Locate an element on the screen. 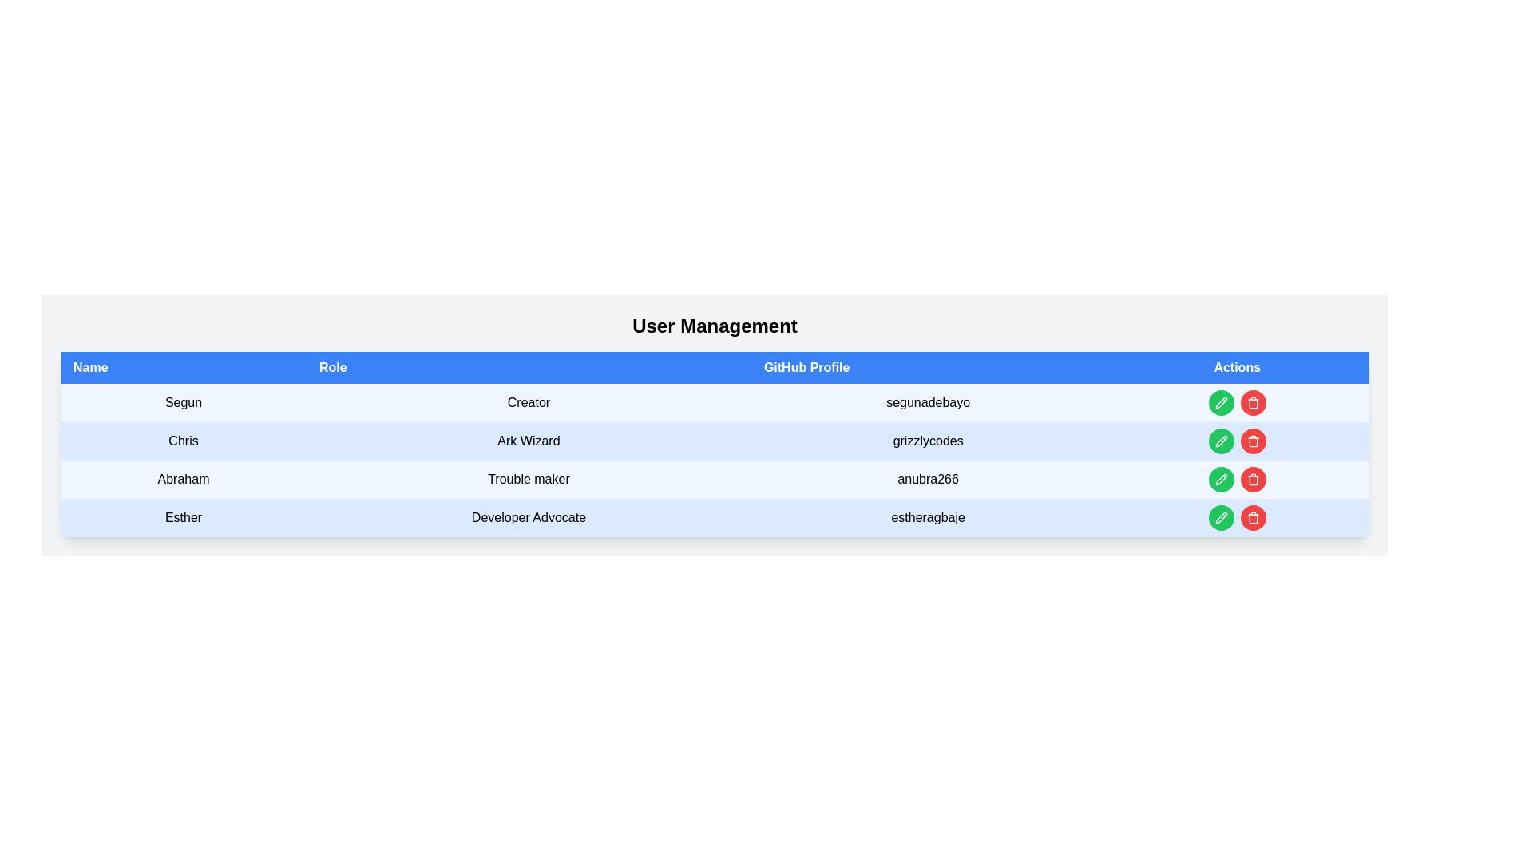 The image size is (1533, 862). the text label 'grizzlycodes' which is located in the third column of the second row of a table, associated with 'Chris' in the first column and 'Ark Wizard' in the second column is located at coordinates (928, 441).